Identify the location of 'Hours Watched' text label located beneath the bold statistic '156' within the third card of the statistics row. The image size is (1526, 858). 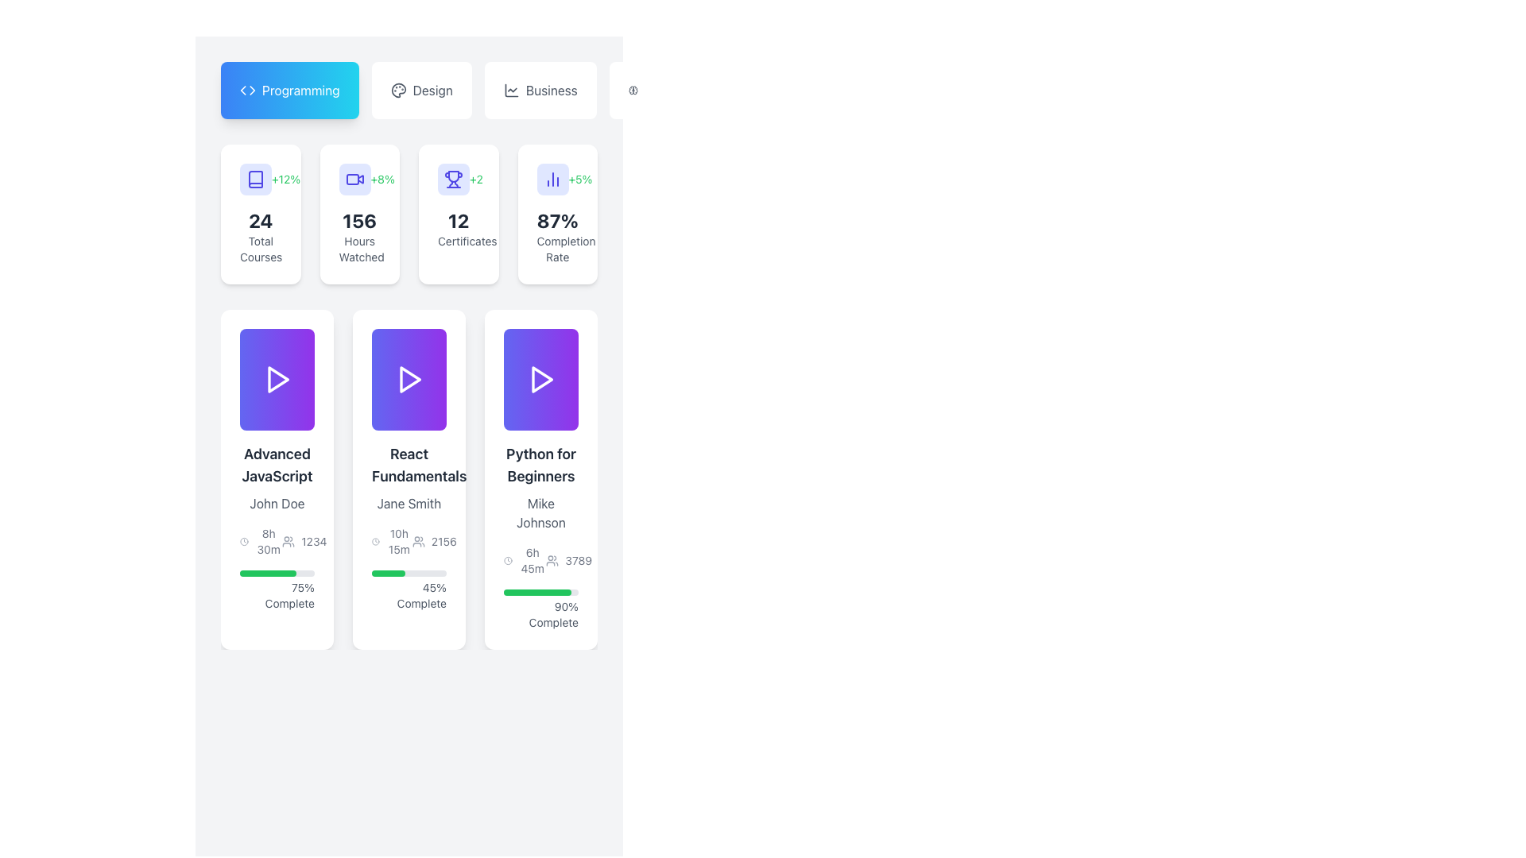
(358, 249).